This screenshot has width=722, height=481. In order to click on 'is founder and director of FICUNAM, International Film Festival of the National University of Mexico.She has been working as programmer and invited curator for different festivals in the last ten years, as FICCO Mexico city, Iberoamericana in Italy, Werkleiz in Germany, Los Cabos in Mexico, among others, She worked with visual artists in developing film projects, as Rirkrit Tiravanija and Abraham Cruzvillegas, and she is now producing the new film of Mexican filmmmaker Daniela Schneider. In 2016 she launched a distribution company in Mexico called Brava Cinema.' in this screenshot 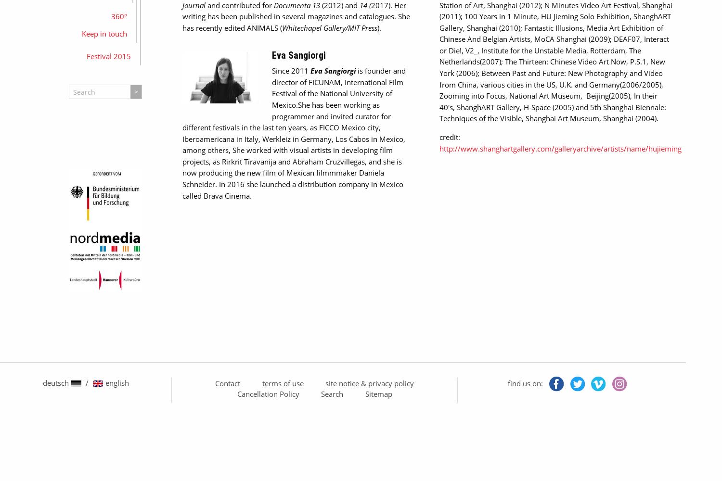, I will do `click(293, 133)`.